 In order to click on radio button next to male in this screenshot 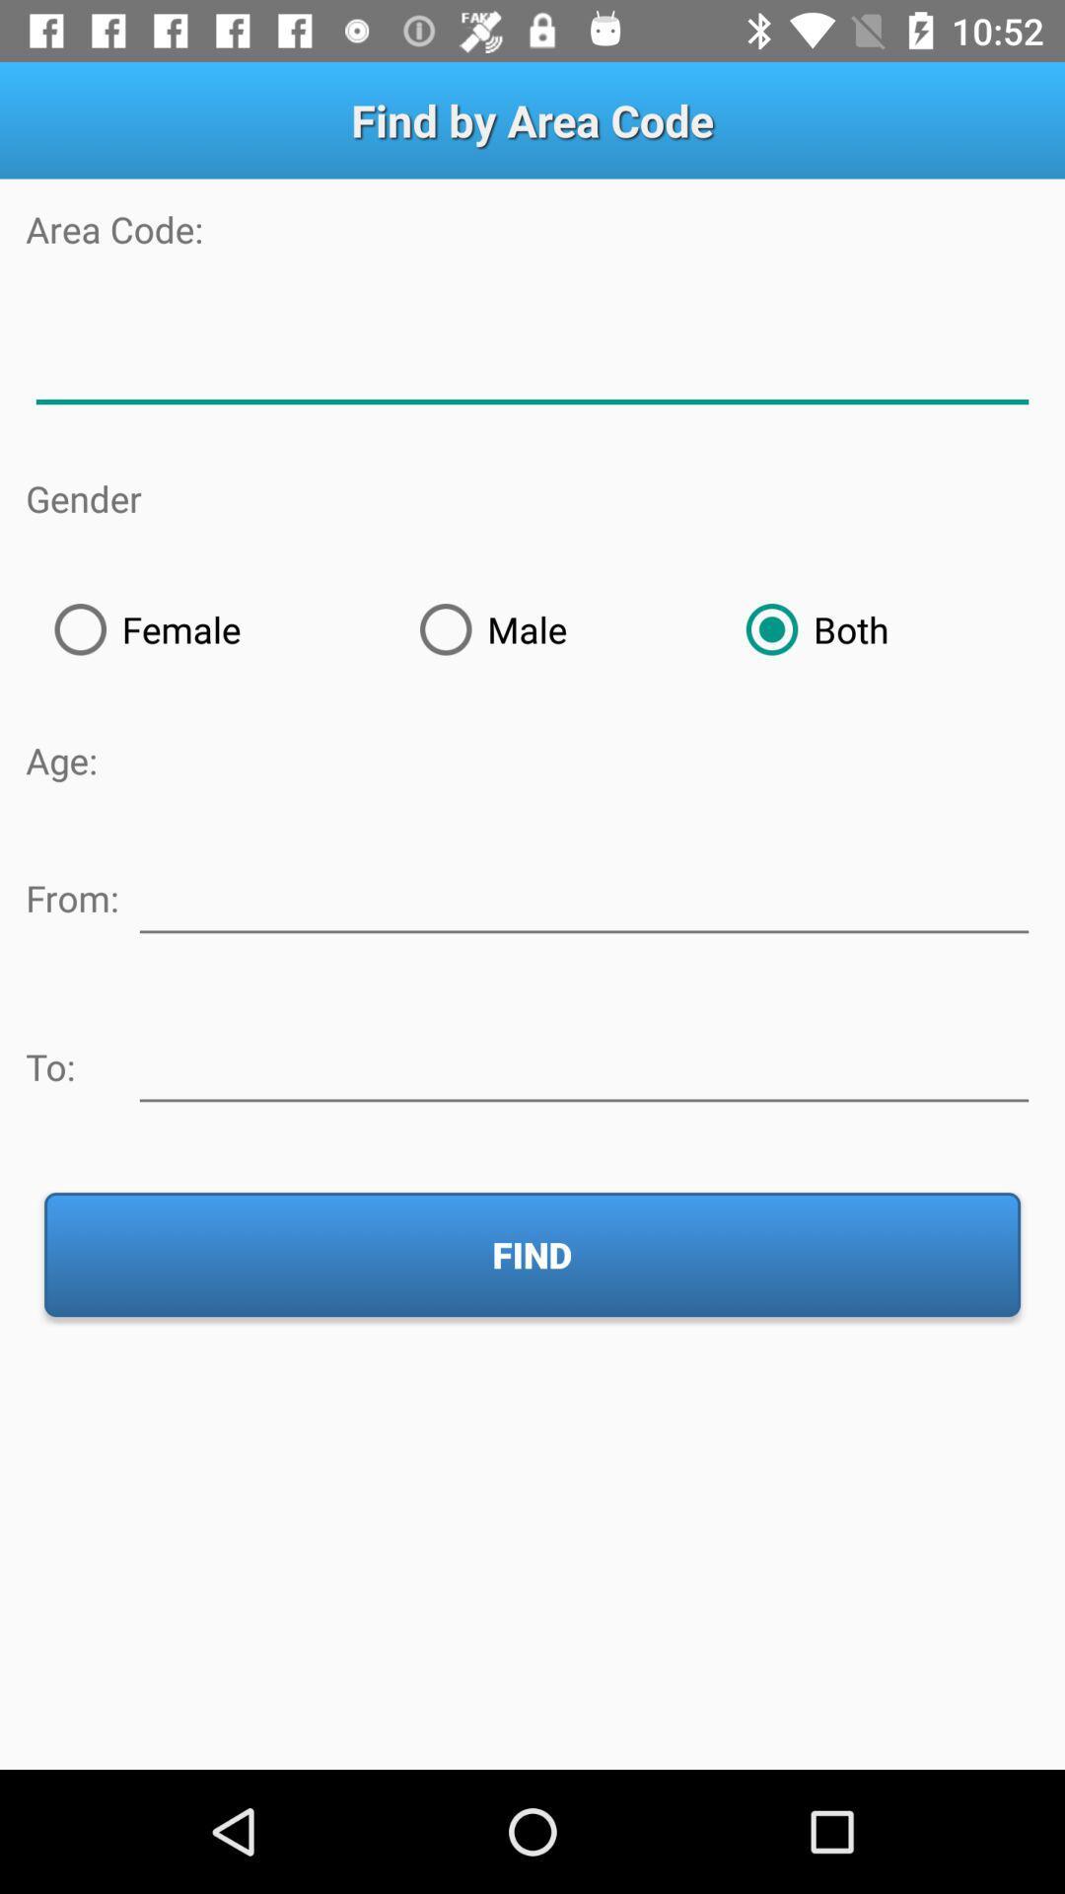, I will do `click(208, 628)`.